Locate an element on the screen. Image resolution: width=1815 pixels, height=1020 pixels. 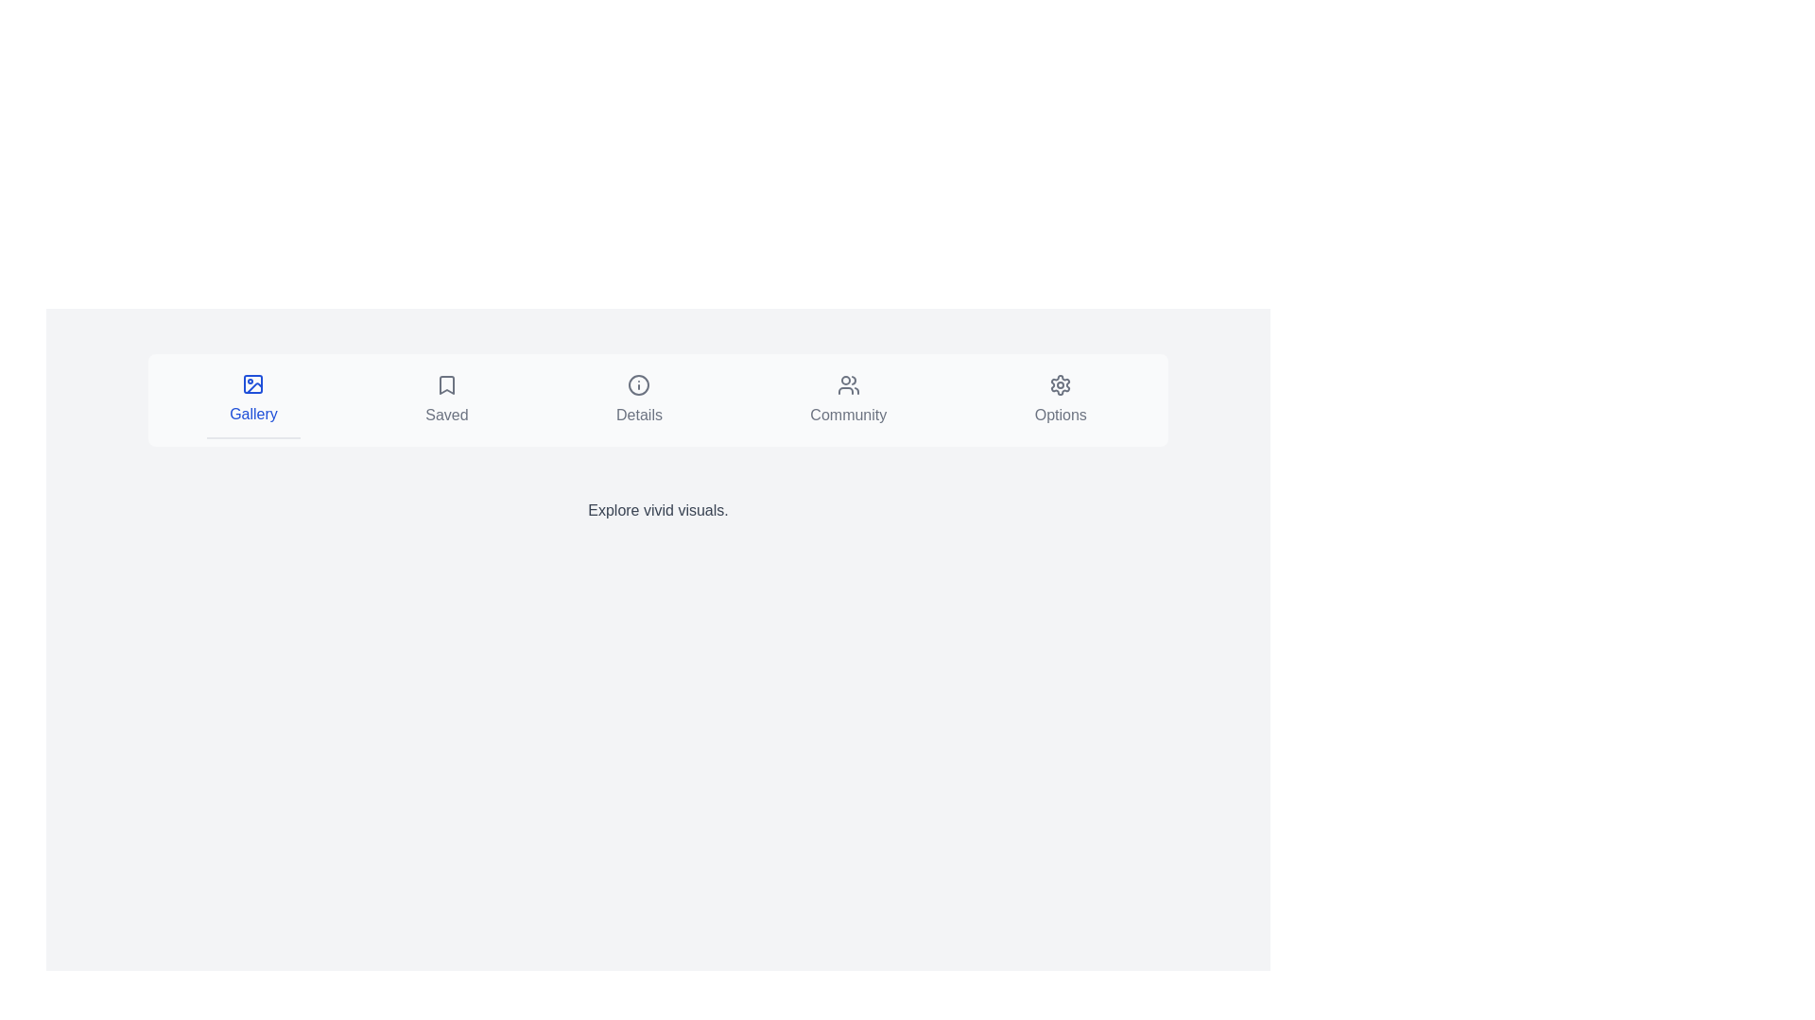
the tab labeled 'Options' to navigate to its content is located at coordinates (1061, 399).